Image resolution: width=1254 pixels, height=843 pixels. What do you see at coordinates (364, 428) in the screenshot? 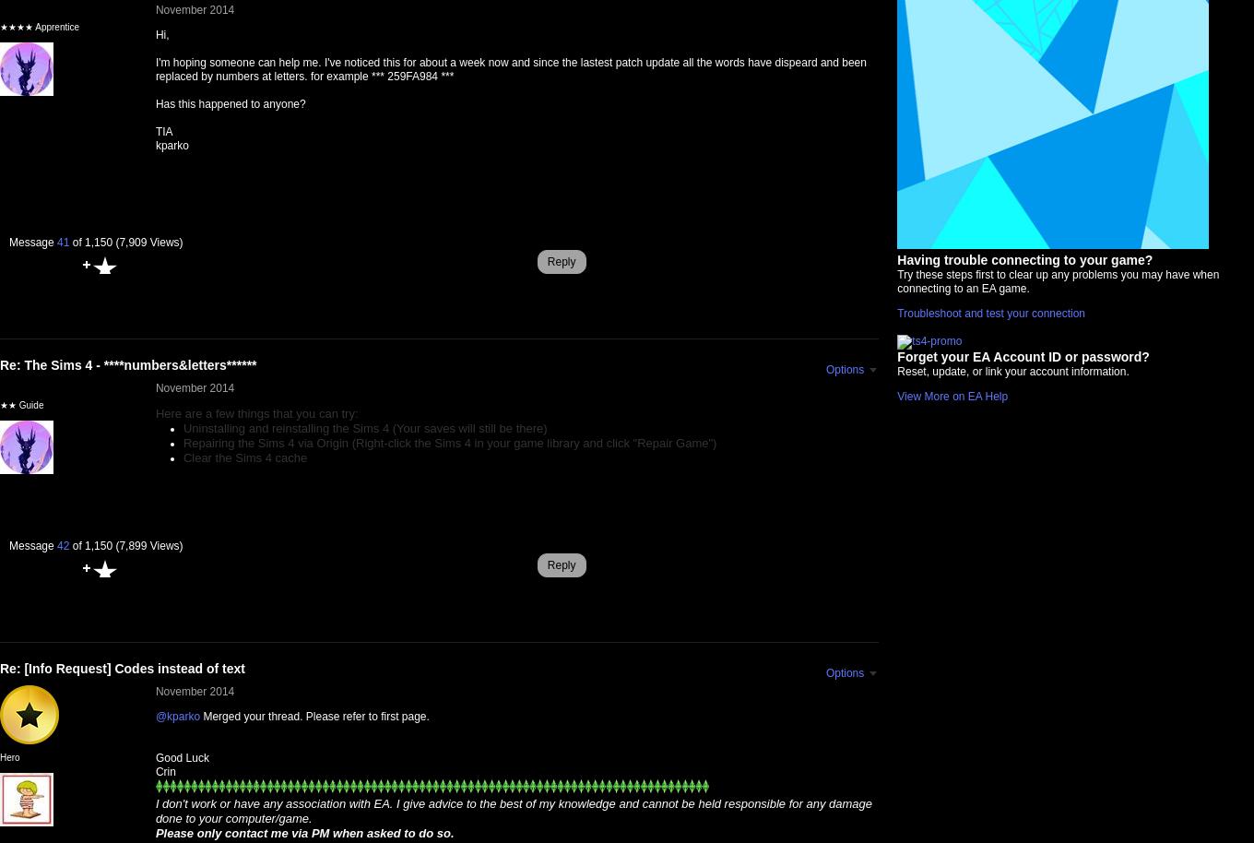
I see `'Uninstalling and reinstalling the Sims 4 (Your saves will still be there)'` at bounding box center [364, 428].